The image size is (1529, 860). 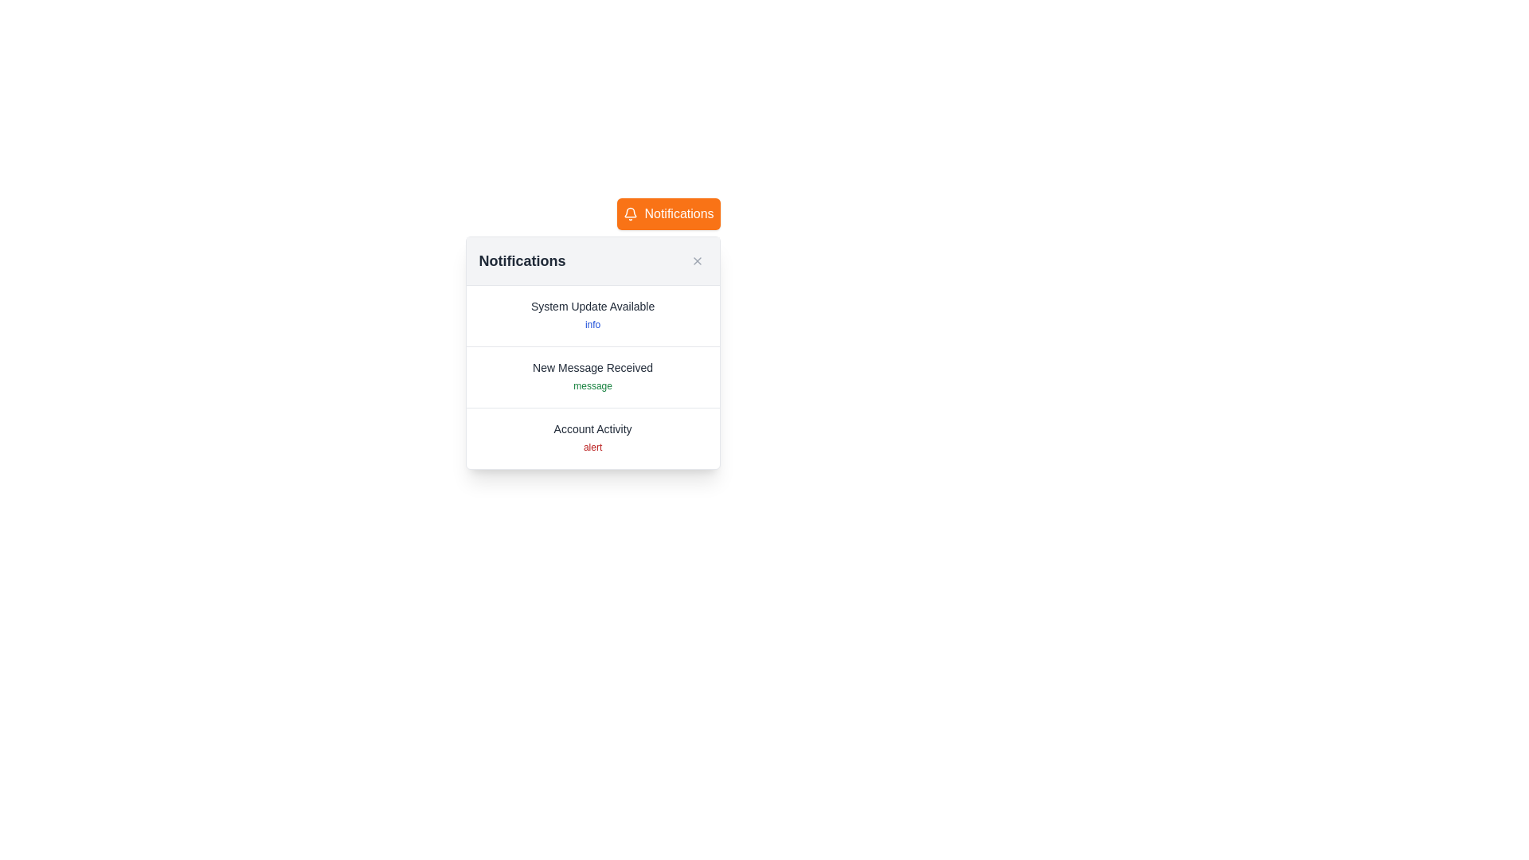 What do you see at coordinates (697, 260) in the screenshot?
I see `the 'X' icon button located on the top-right corner of the notifications pop-up panel` at bounding box center [697, 260].